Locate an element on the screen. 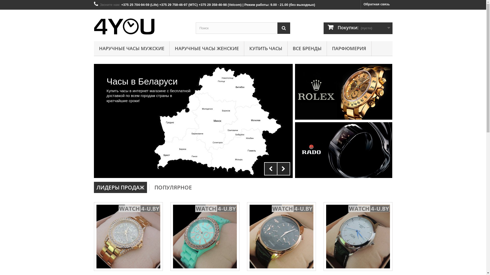 The image size is (490, 275). 'Next' is located at coordinates (276, 169).